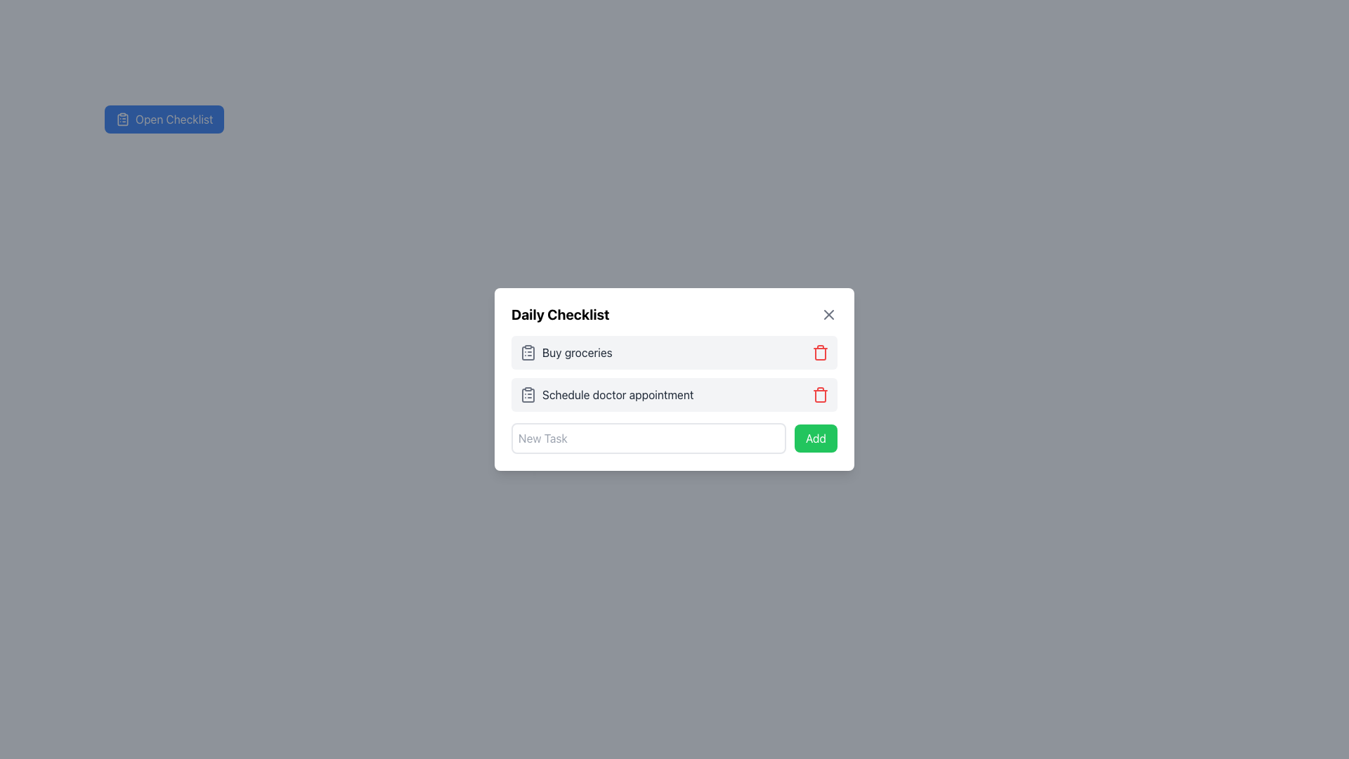 The height and width of the screenshot is (759, 1349). Describe the element at coordinates (829, 313) in the screenshot. I see `the close button located at the top-right corner of the 'Daily Checklist' panel` at that location.